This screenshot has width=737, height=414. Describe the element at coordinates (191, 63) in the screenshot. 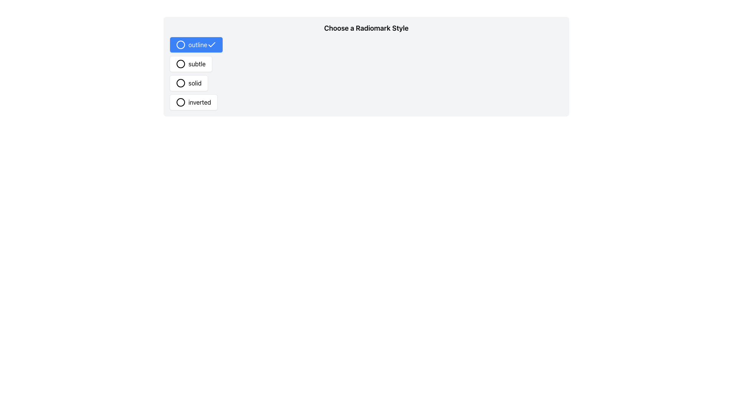

I see `the second selectable button labeled 'subtle'` at that location.